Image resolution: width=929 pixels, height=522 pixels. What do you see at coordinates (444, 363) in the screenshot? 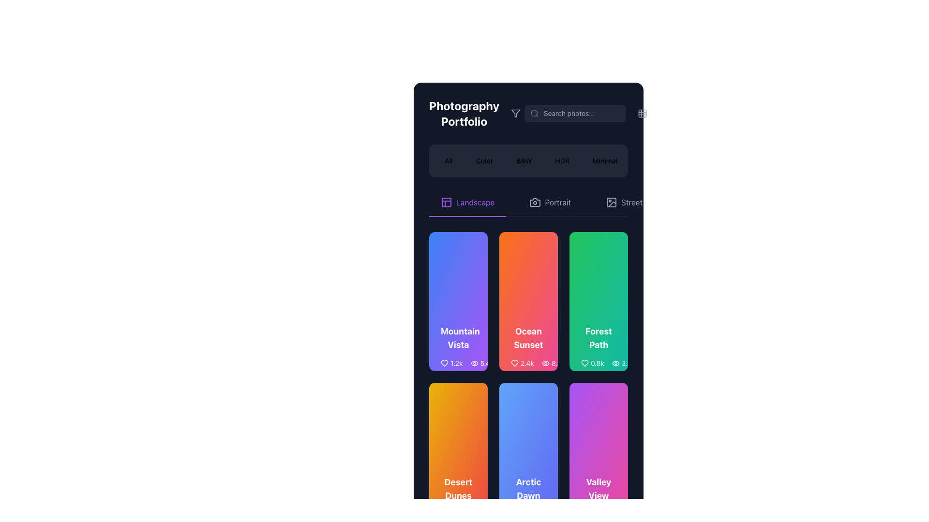
I see `the heart icon located at the bottom-left corner of the 'Mountain Vista' card, which represents a 'like' feature and is accompanied by a popularity metric ('1.2k')` at bounding box center [444, 363].